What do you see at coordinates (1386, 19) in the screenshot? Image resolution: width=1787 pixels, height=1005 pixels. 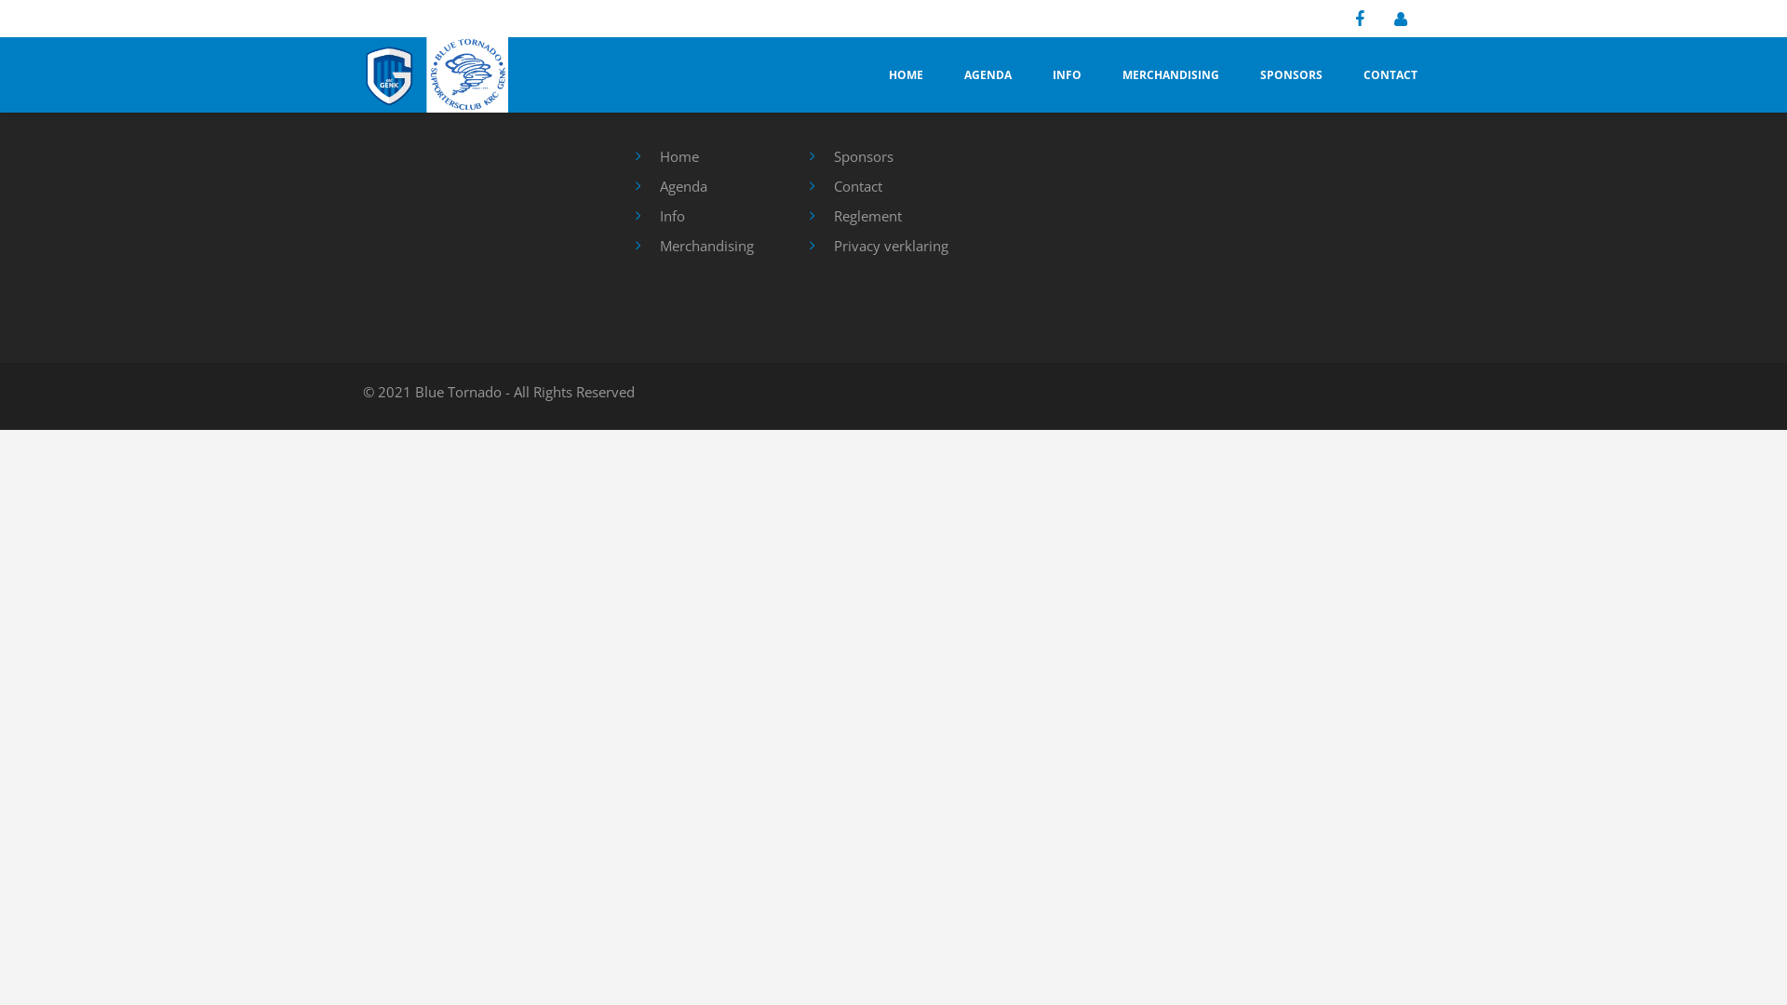 I see `'Profiel'` at bounding box center [1386, 19].